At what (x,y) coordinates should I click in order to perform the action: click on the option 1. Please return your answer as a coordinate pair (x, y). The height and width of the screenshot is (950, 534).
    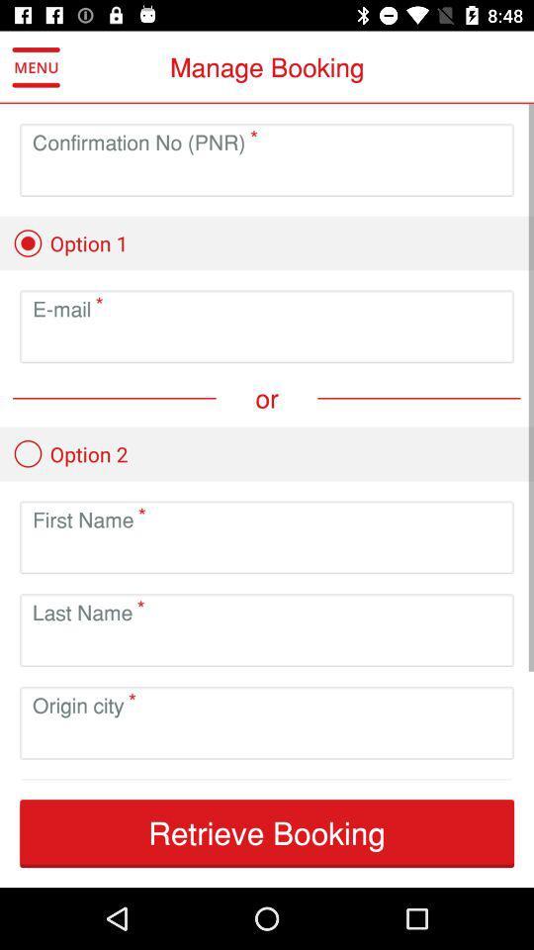
    Looking at the image, I should click on (69, 242).